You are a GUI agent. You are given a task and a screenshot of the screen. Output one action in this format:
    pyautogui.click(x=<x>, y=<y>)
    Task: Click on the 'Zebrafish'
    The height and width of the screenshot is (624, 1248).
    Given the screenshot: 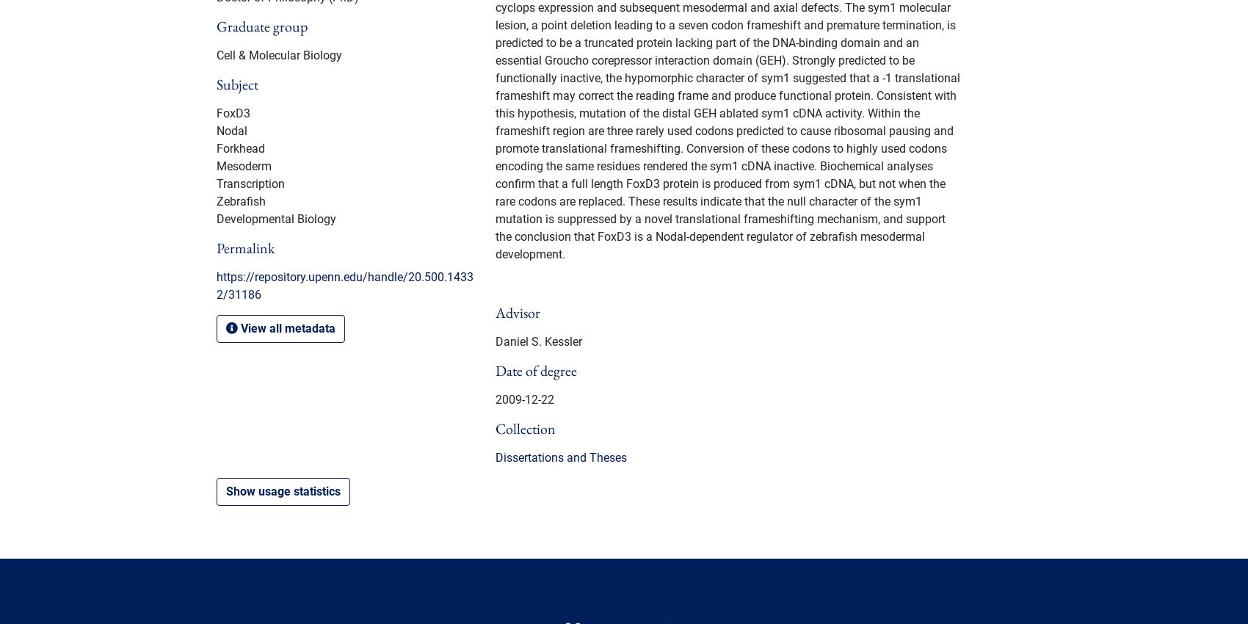 What is the action you would take?
    pyautogui.click(x=240, y=200)
    